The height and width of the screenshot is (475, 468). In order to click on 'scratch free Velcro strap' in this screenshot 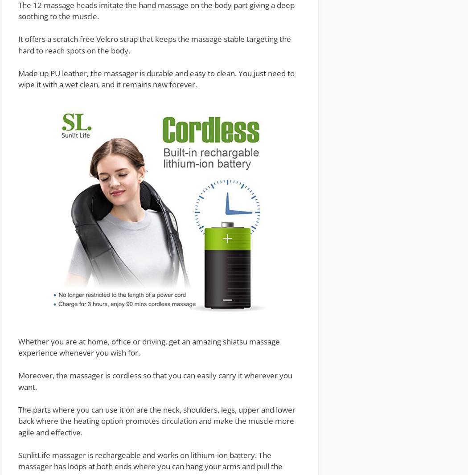, I will do `click(94, 38)`.